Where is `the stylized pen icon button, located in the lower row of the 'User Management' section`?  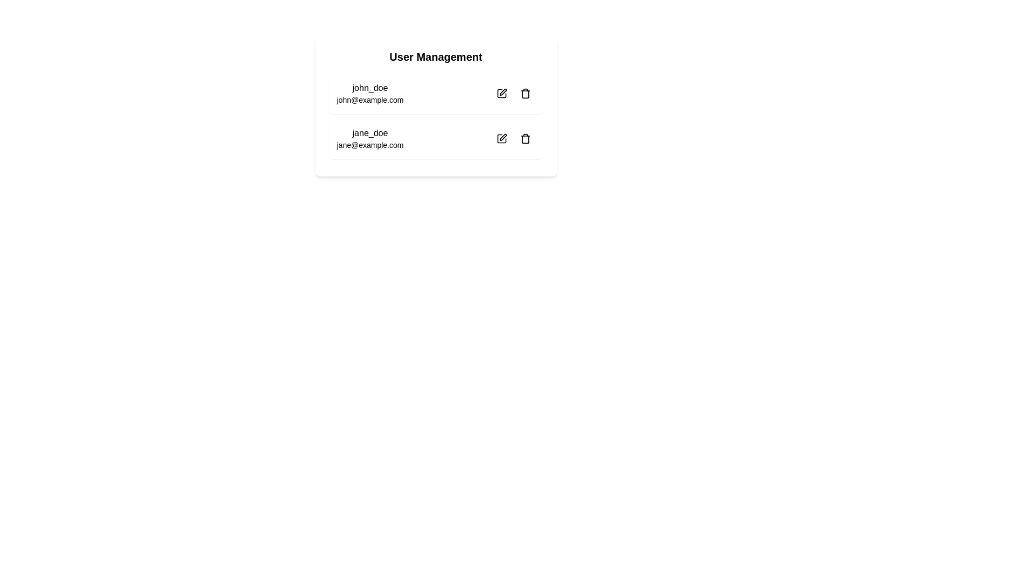
the stylized pen icon button, located in the lower row of the 'User Management' section is located at coordinates (502, 137).